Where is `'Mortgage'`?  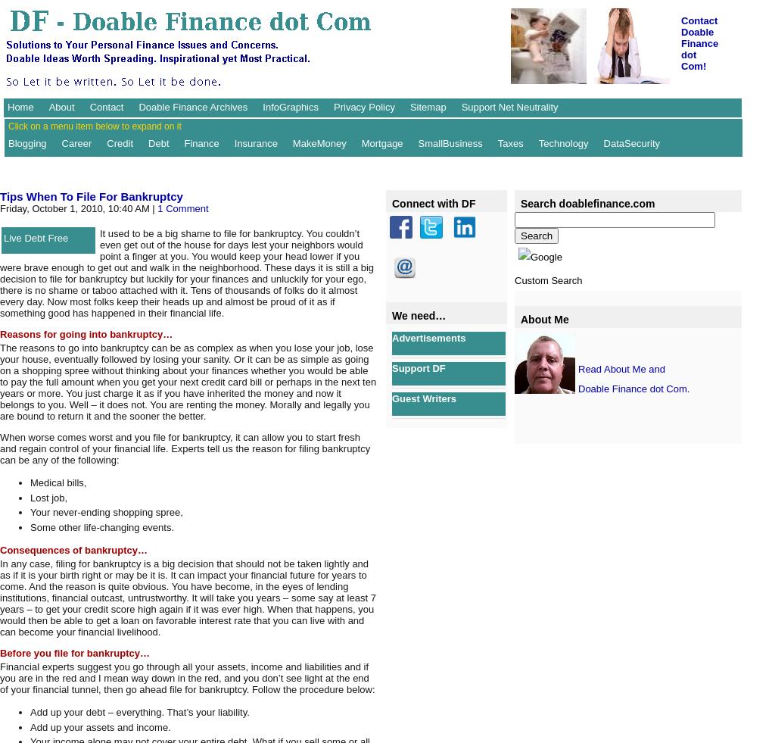 'Mortgage' is located at coordinates (381, 142).